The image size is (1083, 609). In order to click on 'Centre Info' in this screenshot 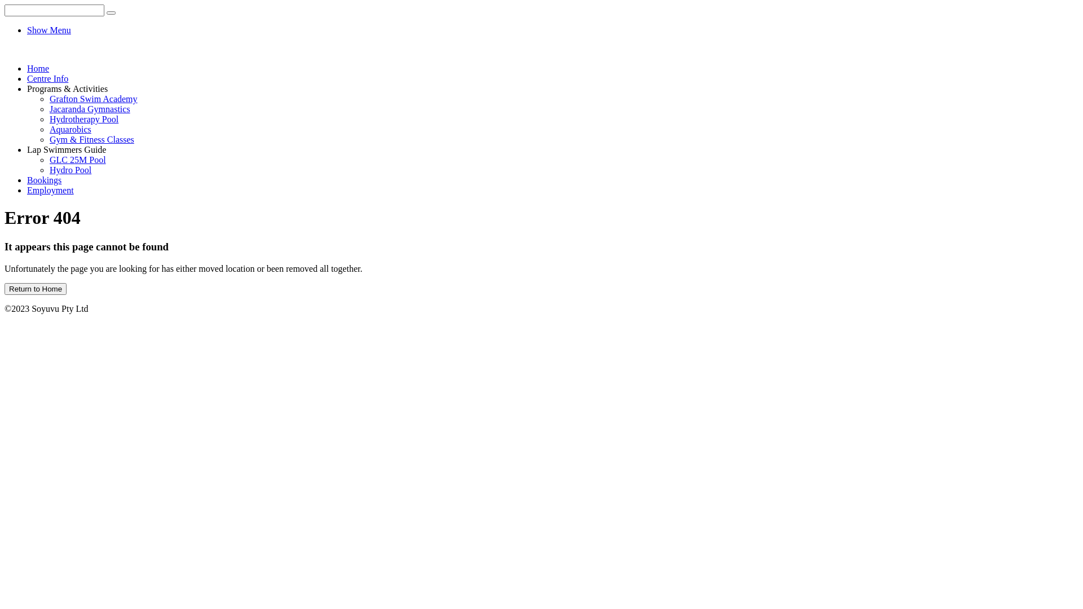, I will do `click(47, 78)`.